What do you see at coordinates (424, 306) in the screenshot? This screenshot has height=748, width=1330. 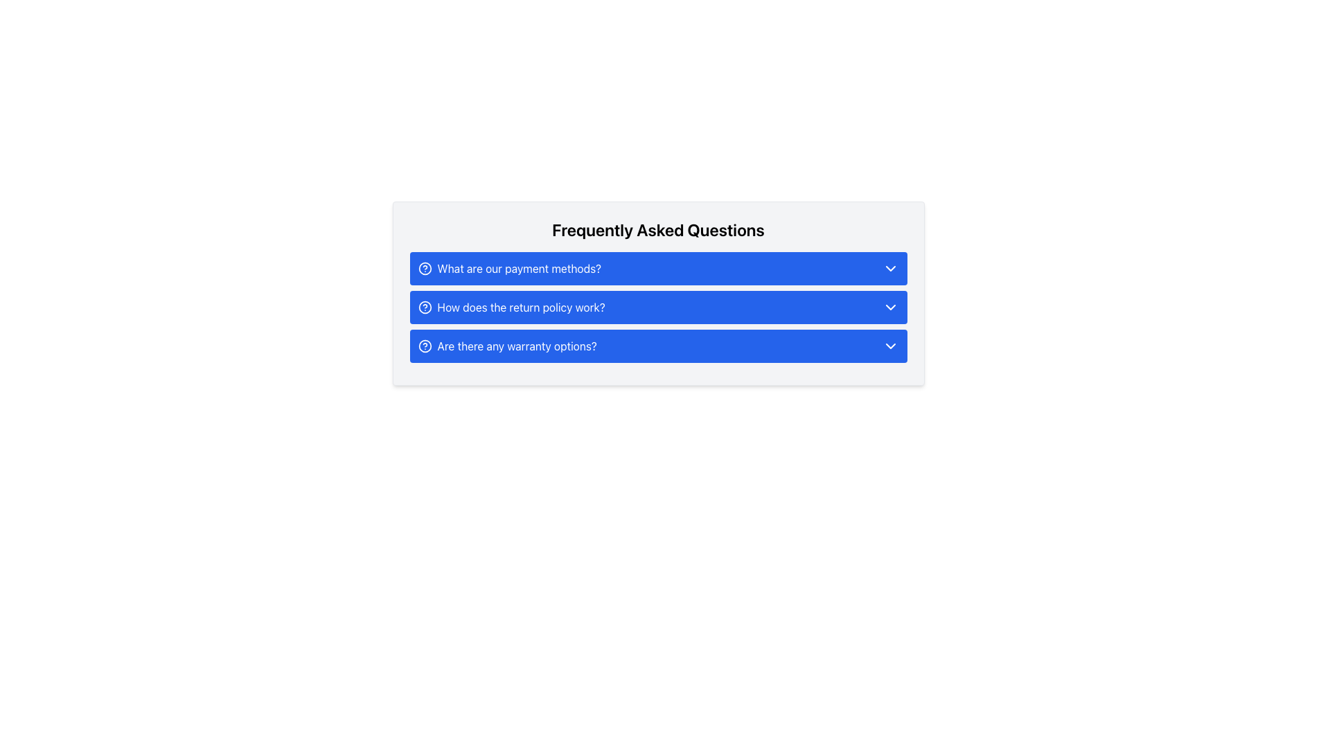 I see `the circular inner part of the help icon located in the second item of the FAQ section, which has a dark blue border and a predominantly white inner area` at bounding box center [424, 306].